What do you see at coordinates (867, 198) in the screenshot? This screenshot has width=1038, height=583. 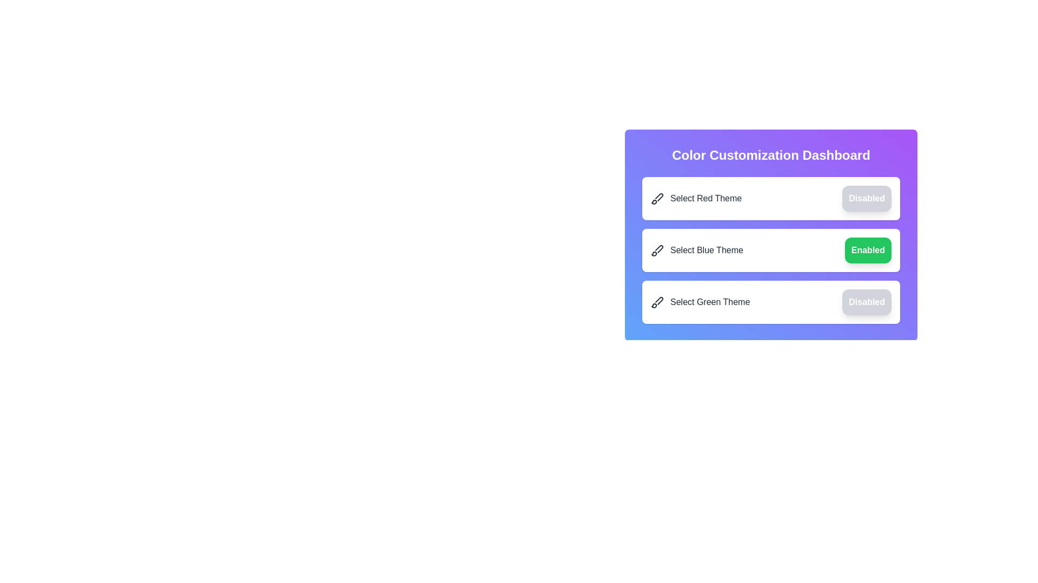 I see `the button corresponding to Red theme to observe any interactive feedback` at bounding box center [867, 198].